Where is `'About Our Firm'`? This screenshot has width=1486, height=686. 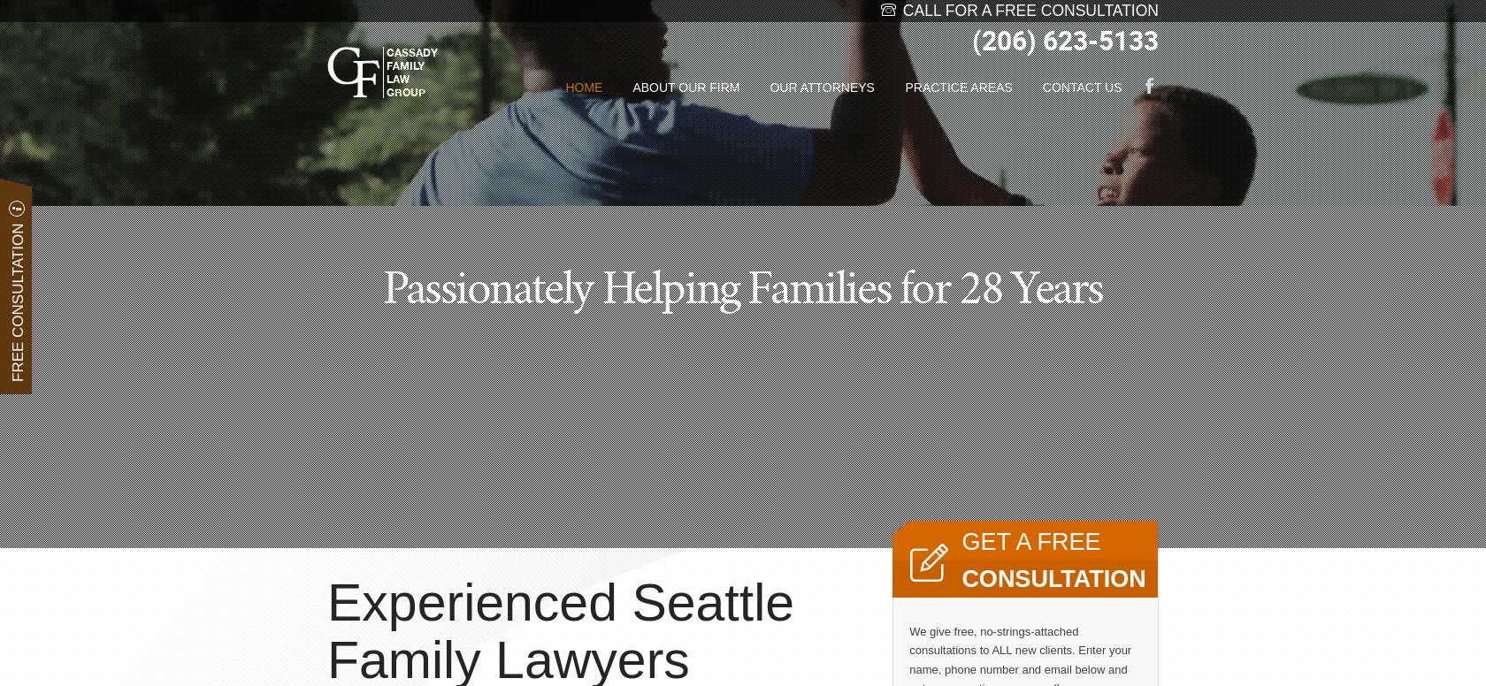 'About Our Firm' is located at coordinates (686, 88).